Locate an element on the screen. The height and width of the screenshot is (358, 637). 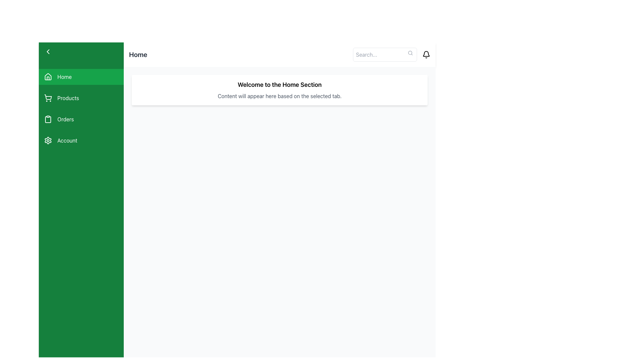
the house door icon located in the lower section of the house icon in the navigation bar, positioned to the left of the 'Home' text is located at coordinates (47, 78).